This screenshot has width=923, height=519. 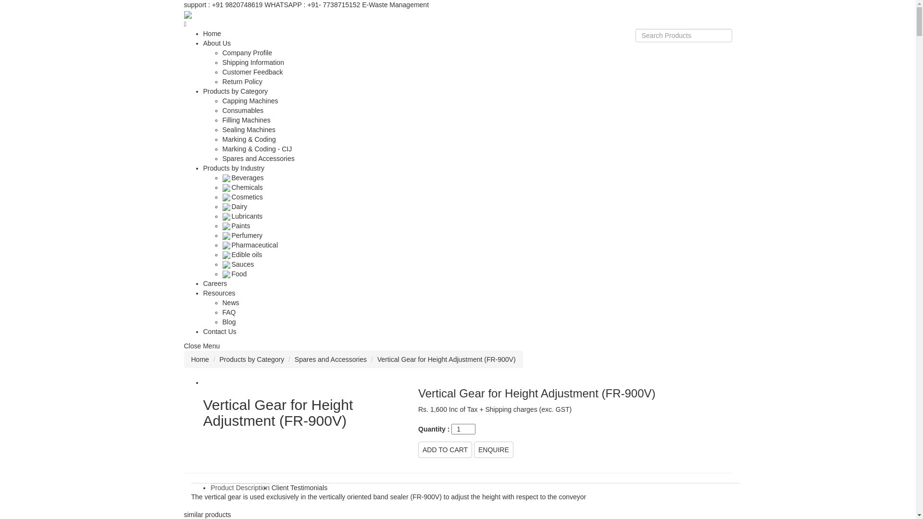 I want to click on '+91- 7738715152', so click(x=334, y=5).